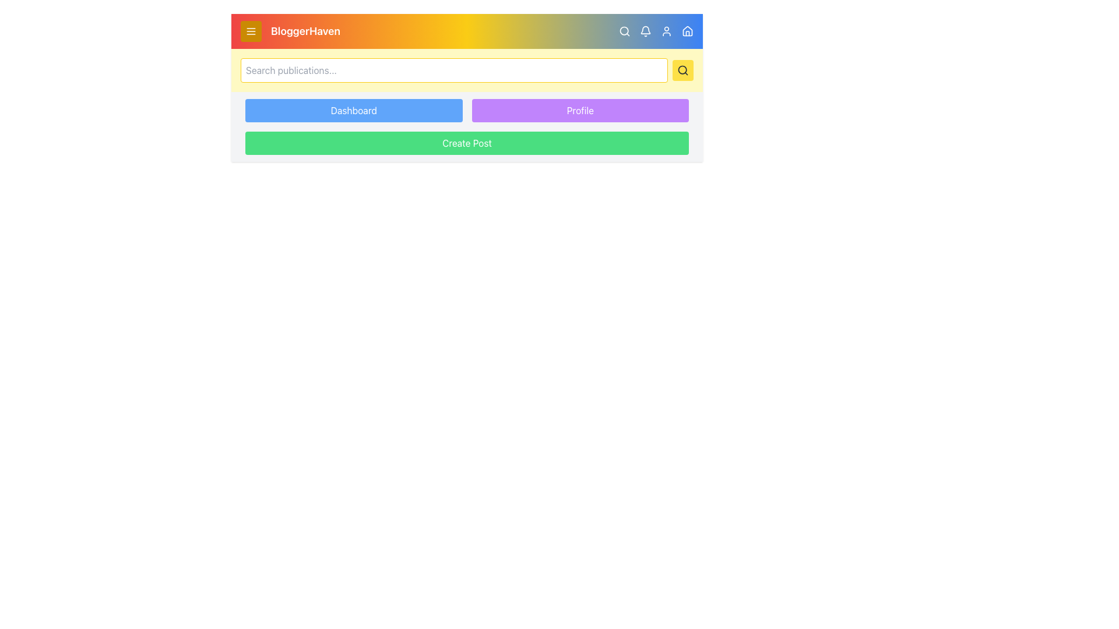  I want to click on the circular part of the search icon, which symbolizes the lens of a magnifying glass and is located to the right of the search bar in the top section of the interface, so click(682, 70).